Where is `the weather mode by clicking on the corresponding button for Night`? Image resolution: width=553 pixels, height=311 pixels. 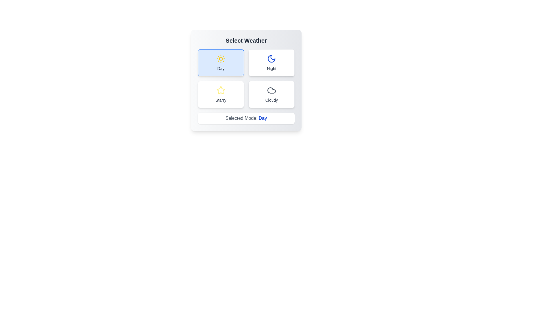 the weather mode by clicking on the corresponding button for Night is located at coordinates (271, 63).